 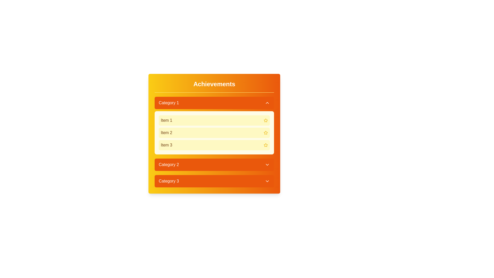 What do you see at coordinates (128, 77) in the screenshot?
I see `the background area of the component` at bounding box center [128, 77].